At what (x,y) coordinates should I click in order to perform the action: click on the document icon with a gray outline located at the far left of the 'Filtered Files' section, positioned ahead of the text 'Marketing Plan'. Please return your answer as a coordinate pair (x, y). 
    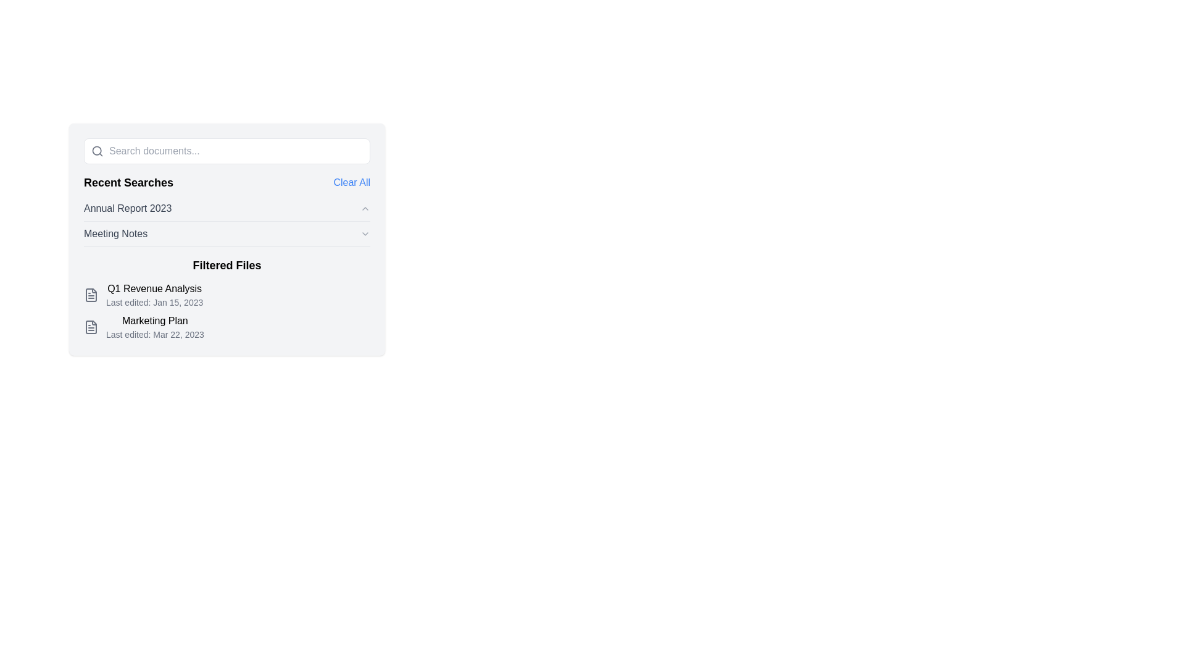
    Looking at the image, I should click on (91, 326).